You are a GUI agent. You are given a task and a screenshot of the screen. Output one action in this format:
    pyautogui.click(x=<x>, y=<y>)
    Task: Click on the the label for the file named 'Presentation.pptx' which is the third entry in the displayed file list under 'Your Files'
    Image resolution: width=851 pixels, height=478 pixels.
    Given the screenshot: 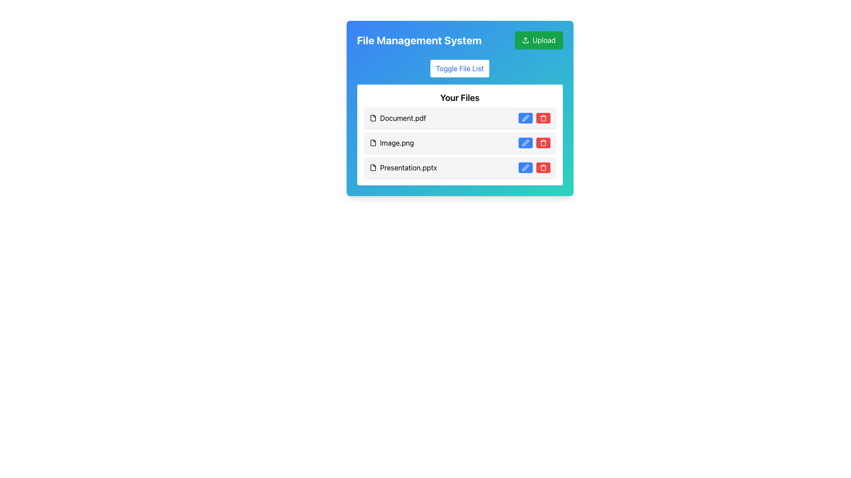 What is the action you would take?
    pyautogui.click(x=402, y=167)
    